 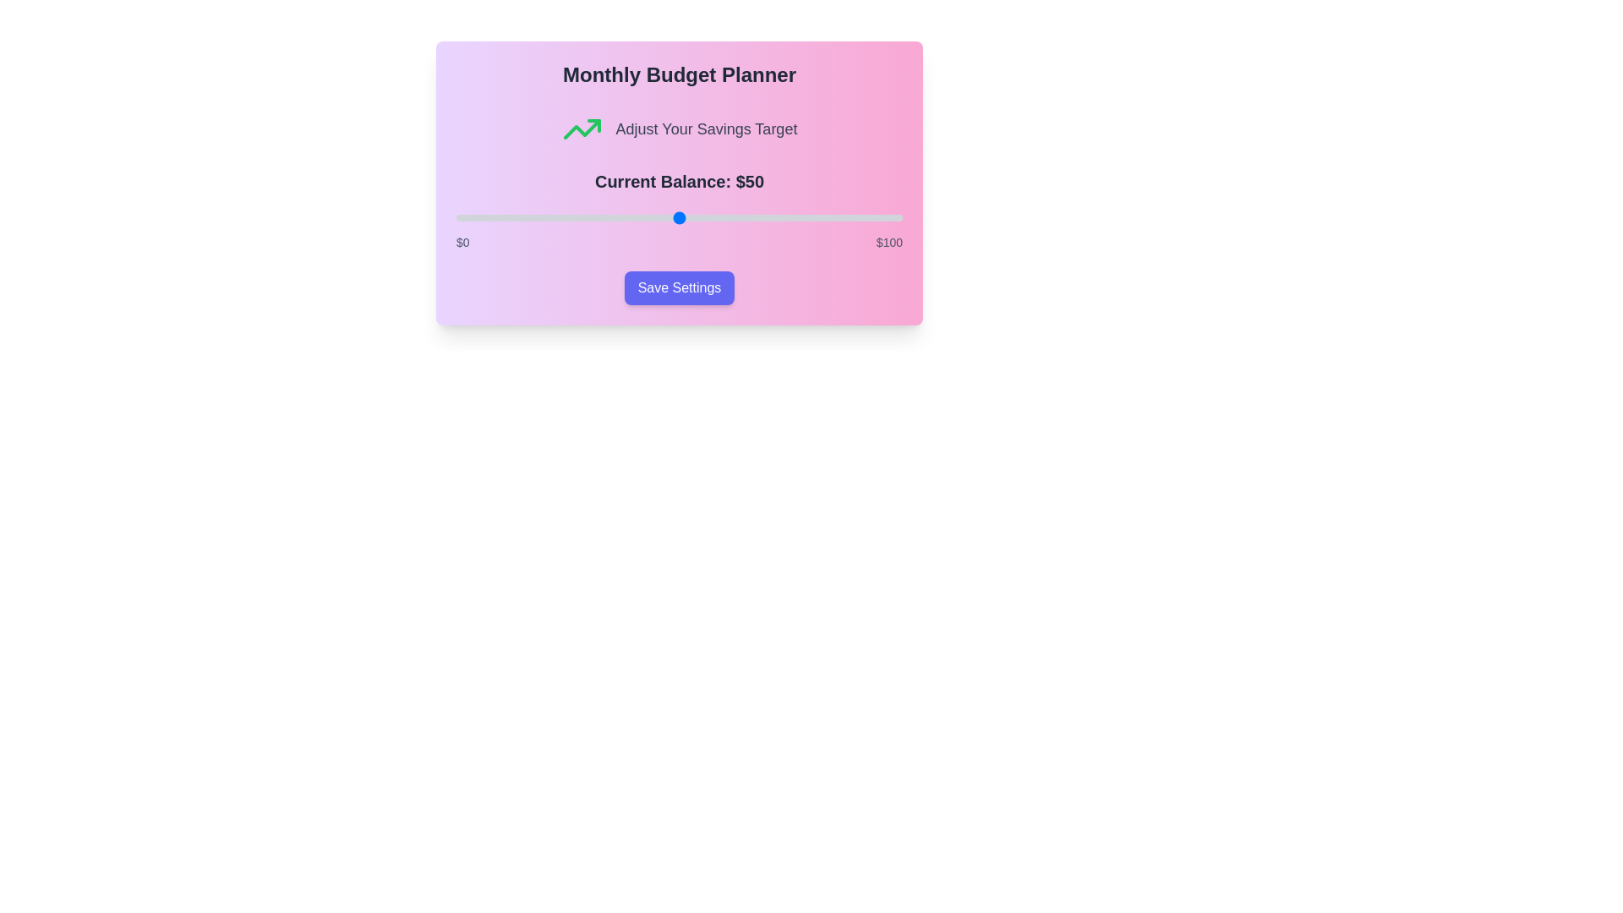 What do you see at coordinates (545, 217) in the screenshot?
I see `the slider to set the balance to 20 value` at bounding box center [545, 217].